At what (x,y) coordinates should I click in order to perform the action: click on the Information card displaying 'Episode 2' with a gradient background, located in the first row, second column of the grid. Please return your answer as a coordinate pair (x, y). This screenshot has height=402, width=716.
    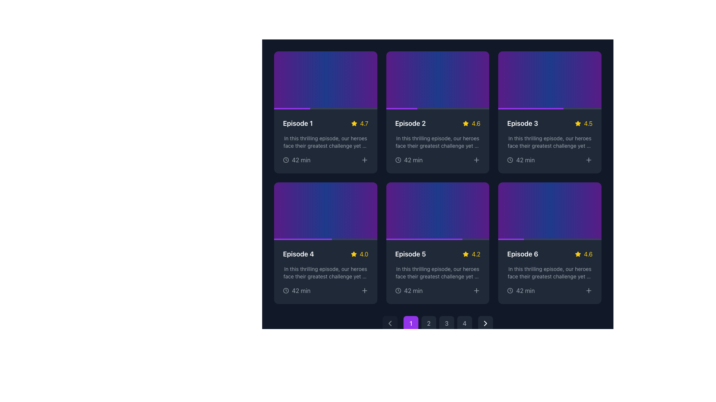
    Looking at the image, I should click on (438, 112).